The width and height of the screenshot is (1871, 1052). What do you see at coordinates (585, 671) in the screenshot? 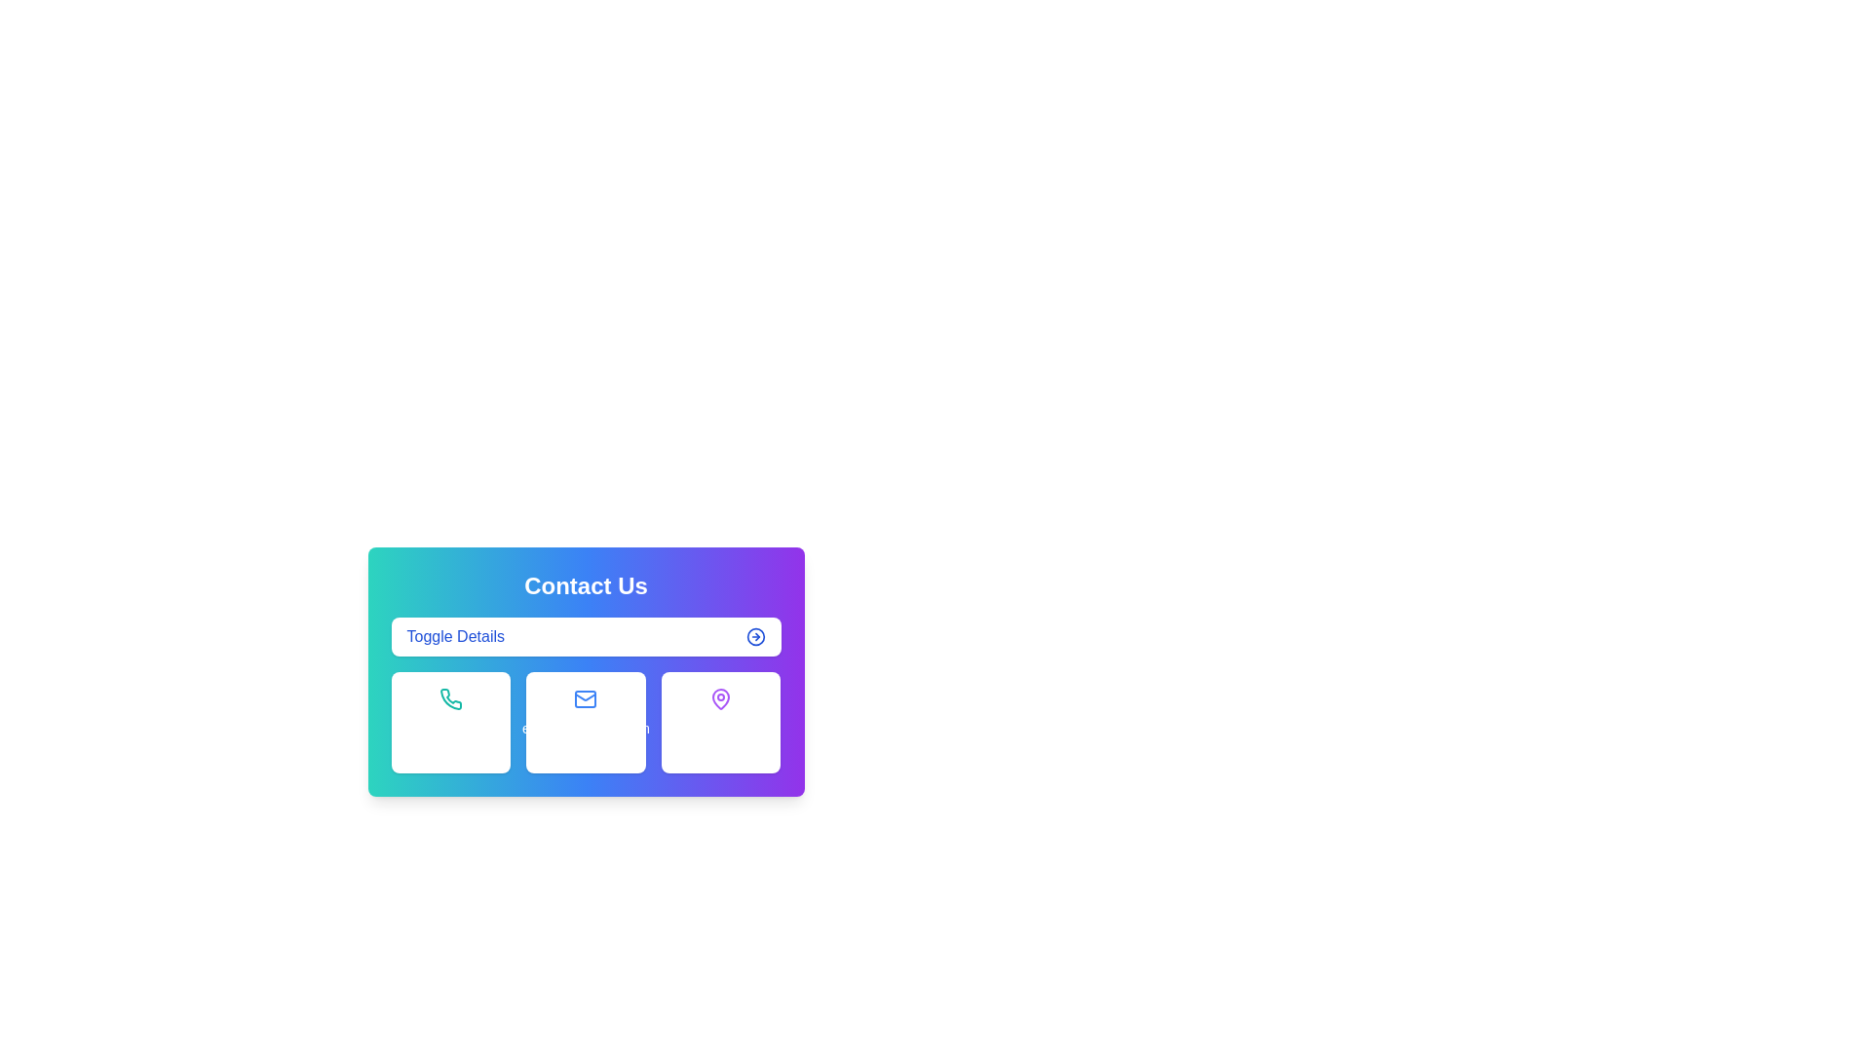
I see `the email text in the Contact Information Card` at bounding box center [585, 671].